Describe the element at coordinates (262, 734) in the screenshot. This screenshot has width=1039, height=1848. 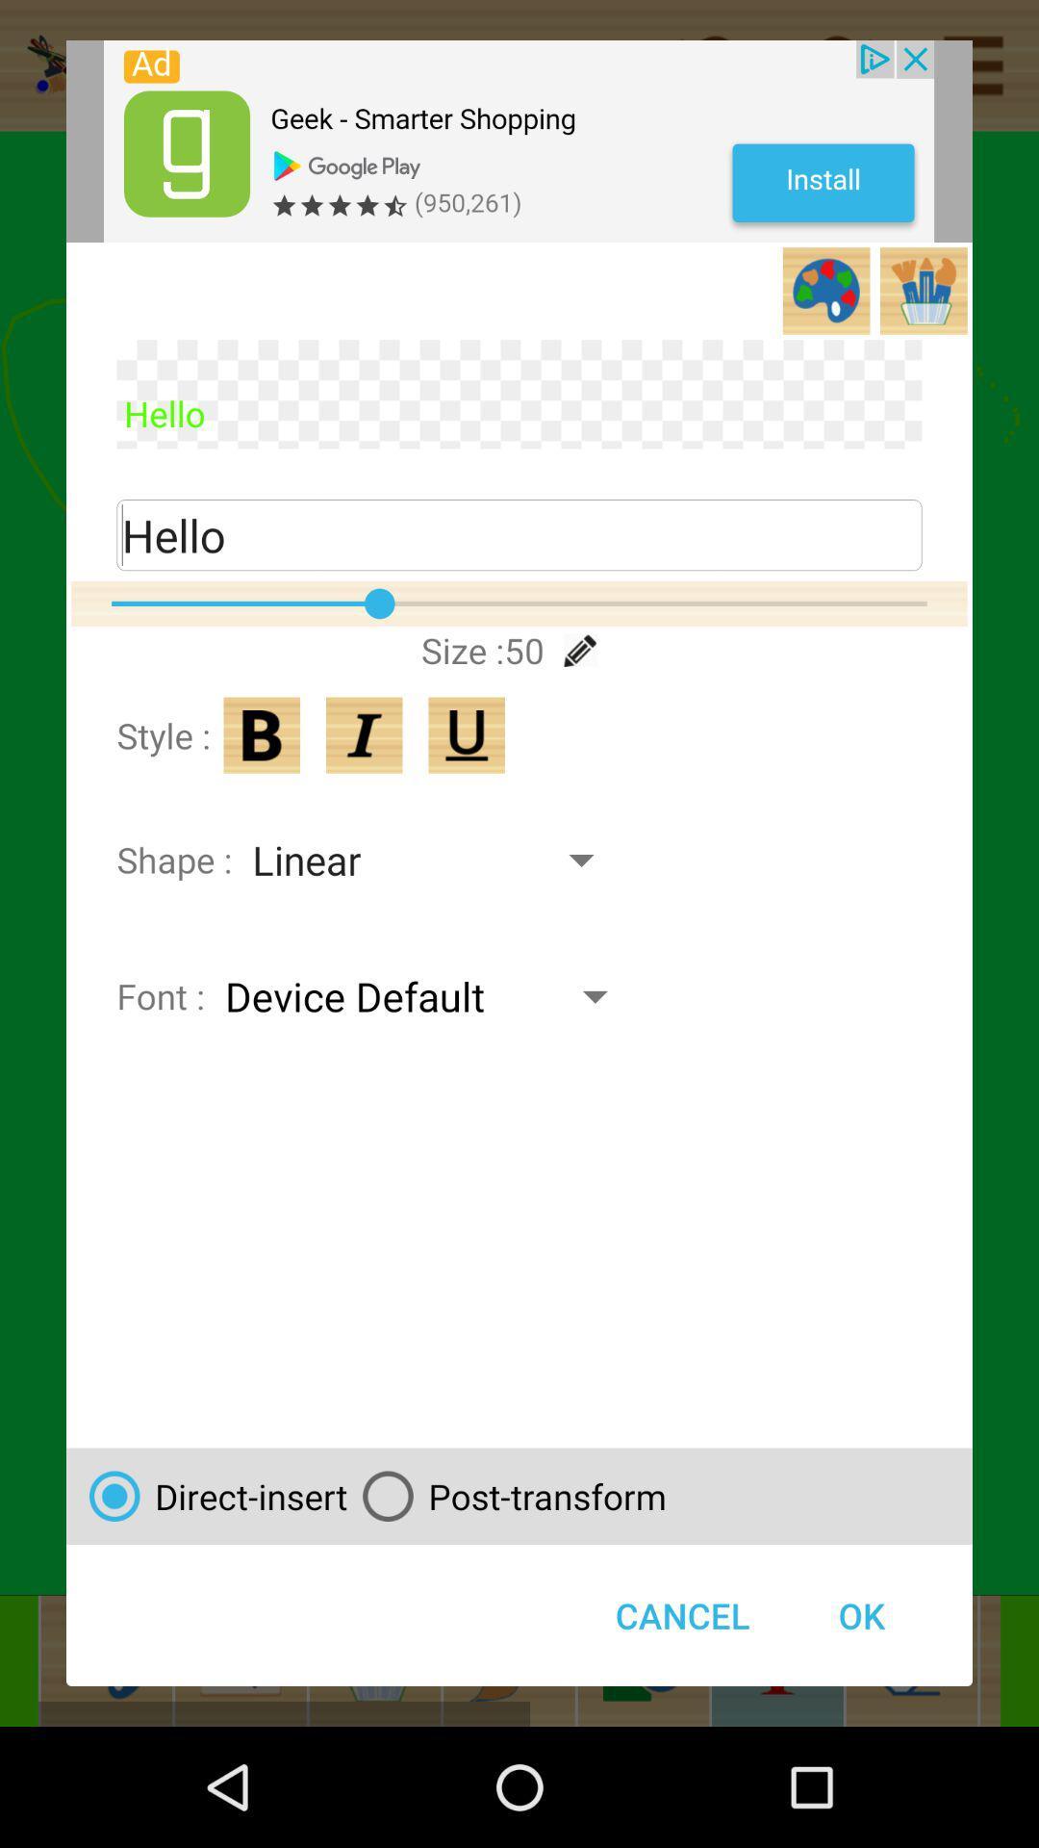
I see `style letter type` at that location.